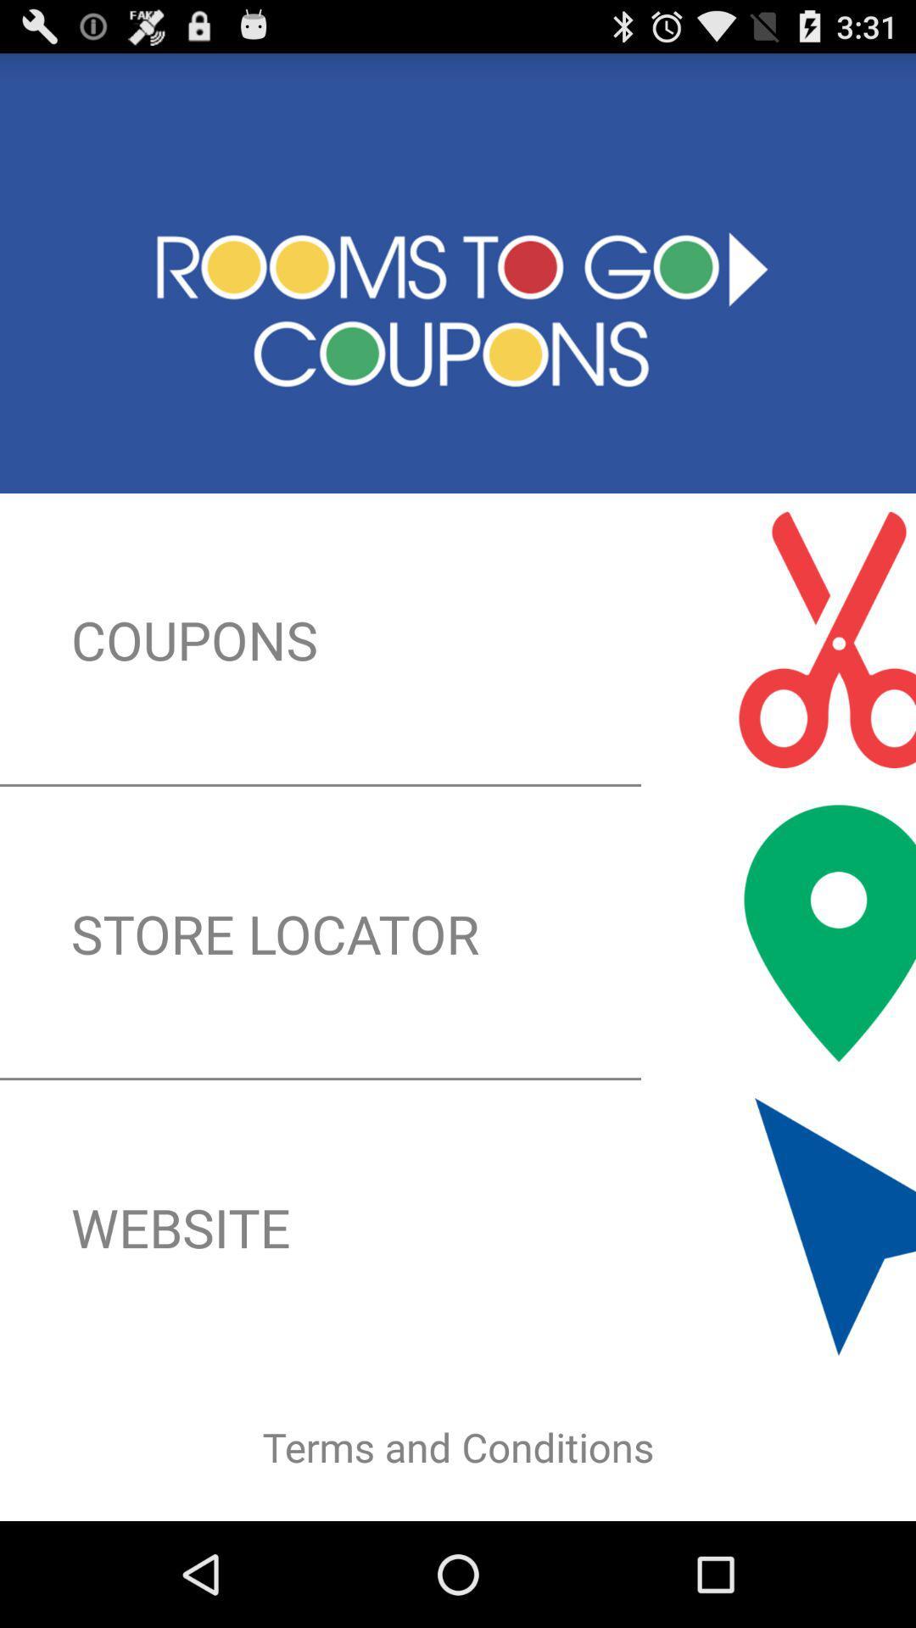 The height and width of the screenshot is (1628, 916). What do you see at coordinates (458, 1447) in the screenshot?
I see `the terms and conditions` at bounding box center [458, 1447].